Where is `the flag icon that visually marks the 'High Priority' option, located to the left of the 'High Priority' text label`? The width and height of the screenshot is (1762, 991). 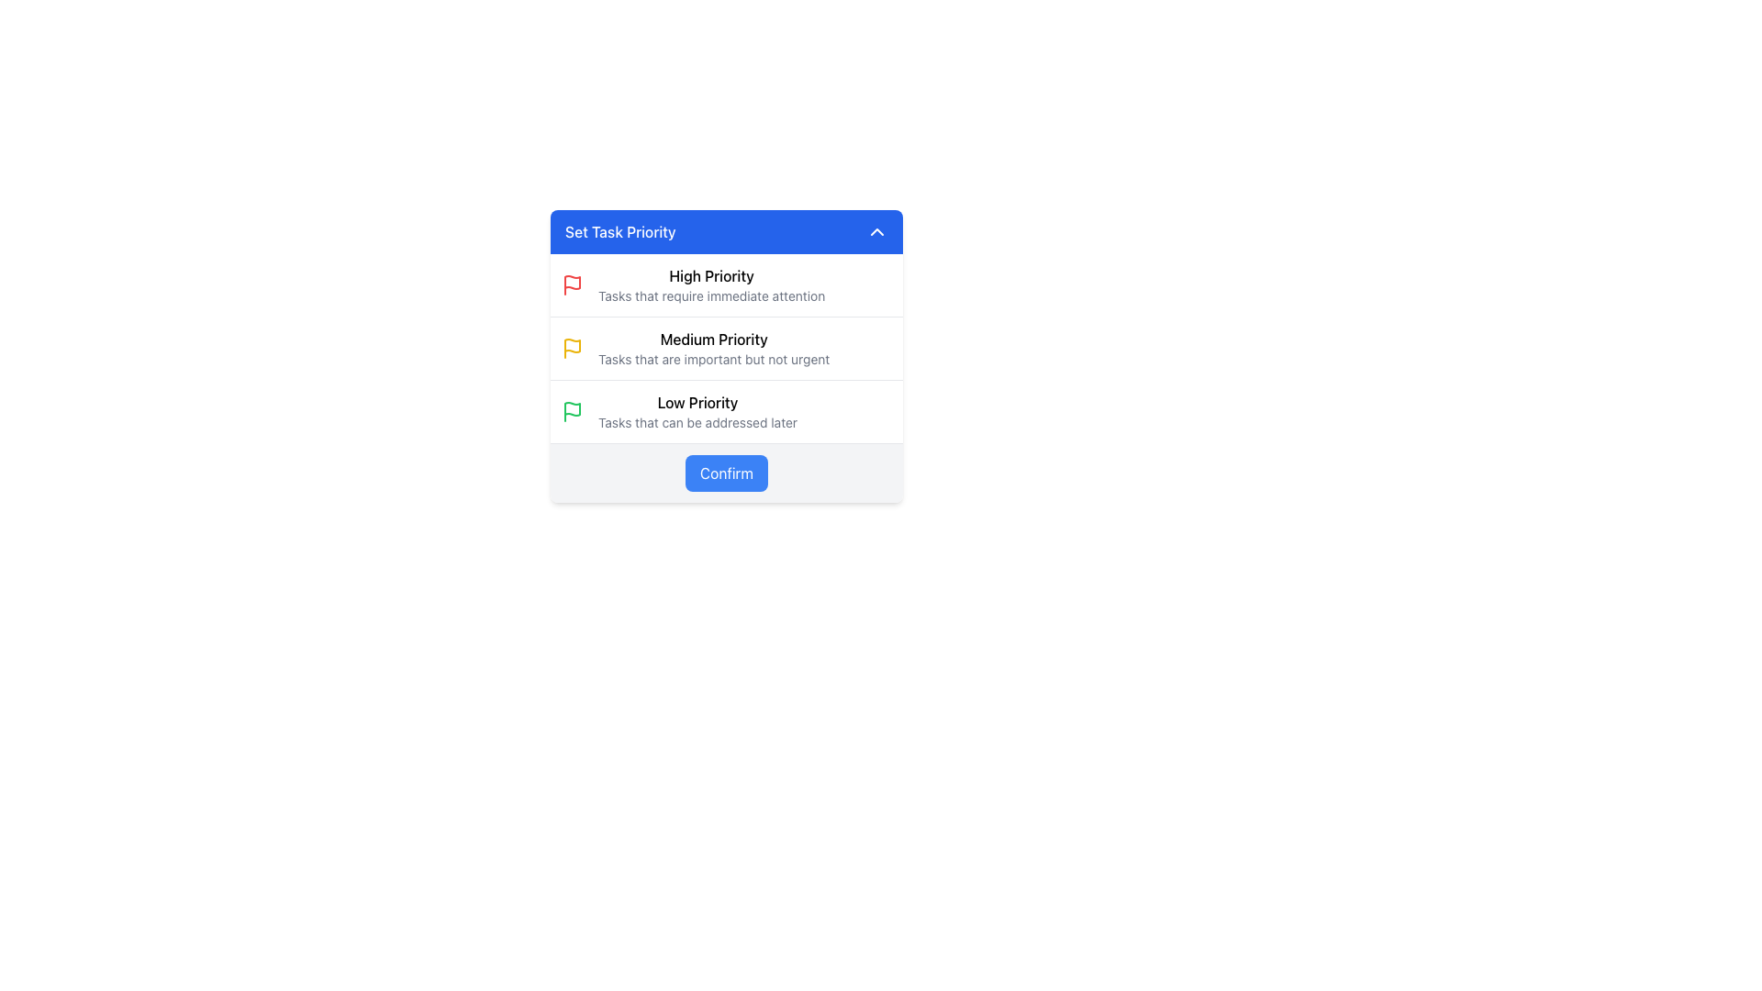
the flag icon that visually marks the 'High Priority' option, located to the left of the 'High Priority' text label is located at coordinates (572, 283).